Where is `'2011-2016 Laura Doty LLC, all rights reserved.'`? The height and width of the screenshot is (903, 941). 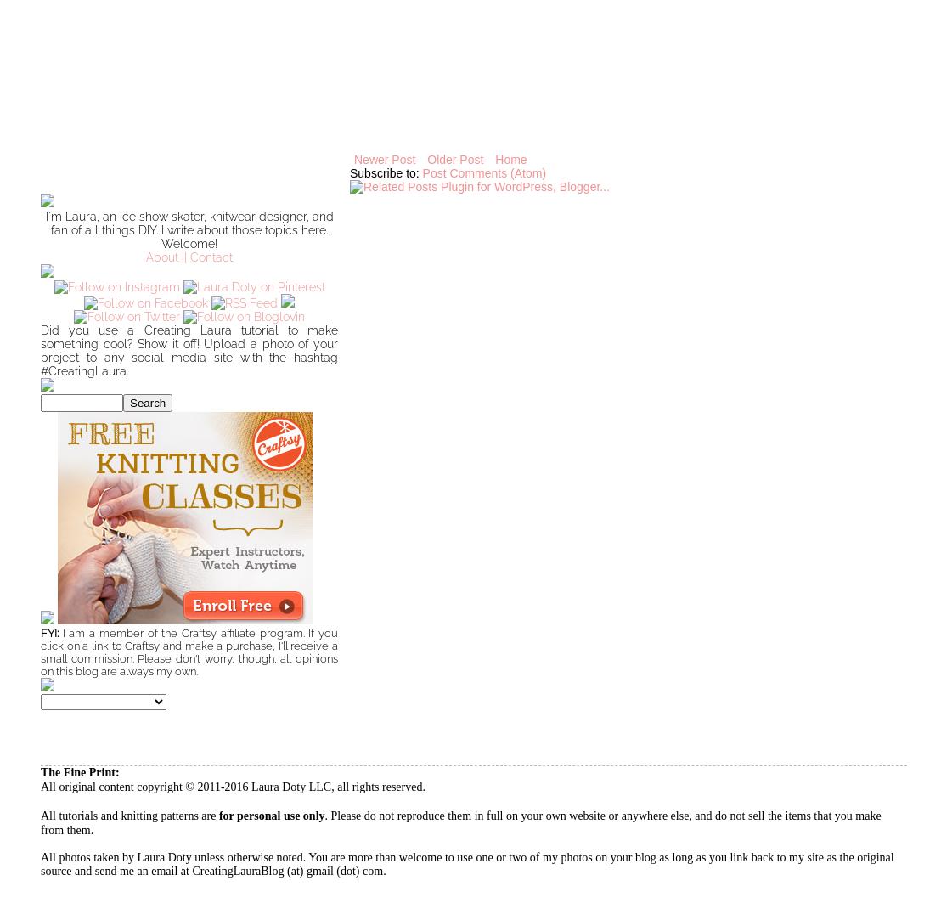 '2011-2016 Laura Doty LLC, all rights reserved.' is located at coordinates (307, 786).